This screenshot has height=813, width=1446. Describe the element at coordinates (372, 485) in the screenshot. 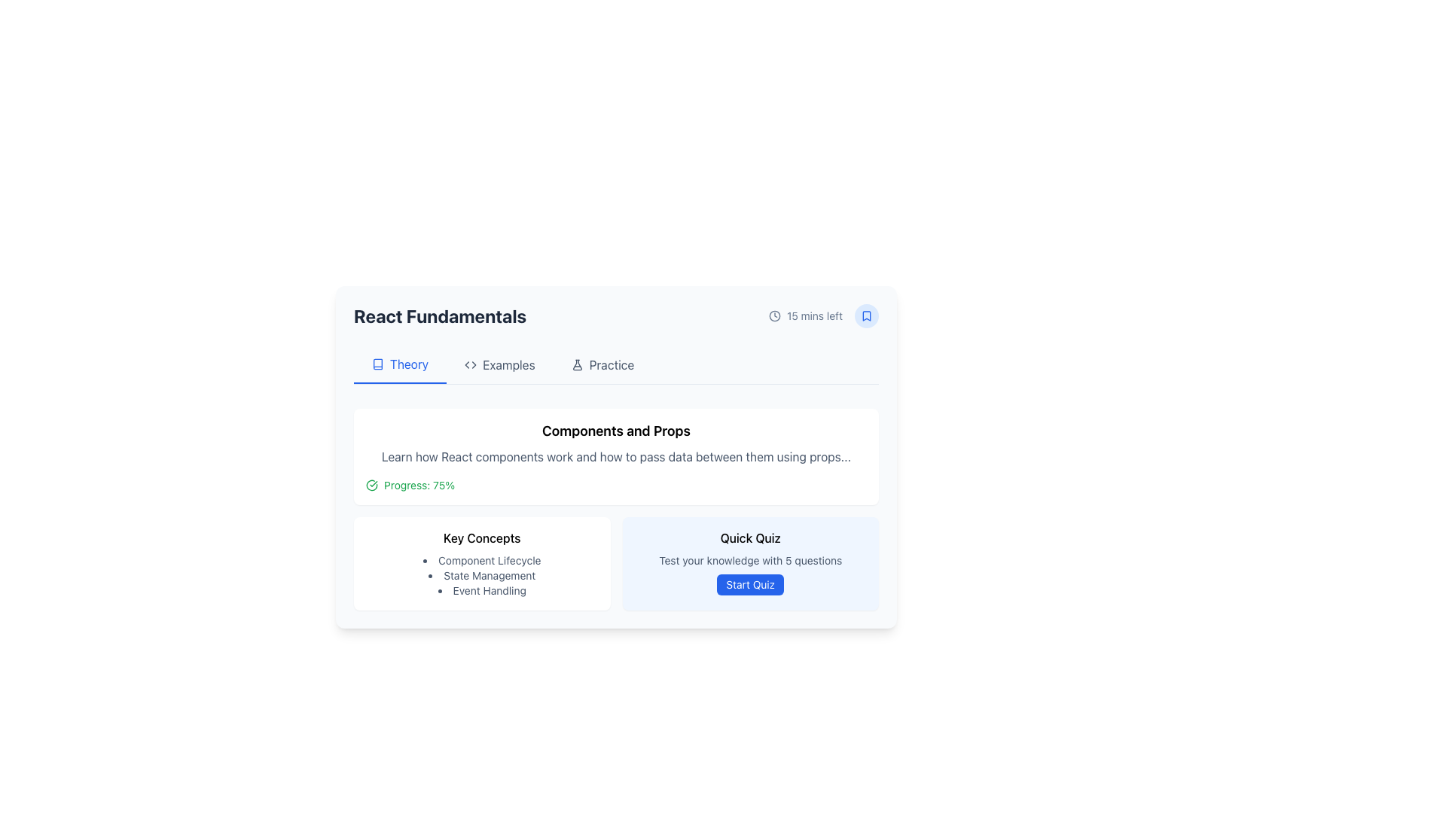

I see `the SVG icon styled as a circle with a checkmark inside, which visually represents a completed or successful status, located to the left of the text 'Progress: 75%' in the content card titled 'React Fundamentals'` at that location.